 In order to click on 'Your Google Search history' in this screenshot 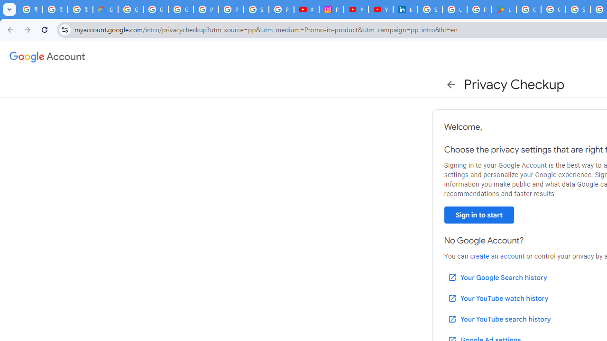, I will do `click(497, 277)`.